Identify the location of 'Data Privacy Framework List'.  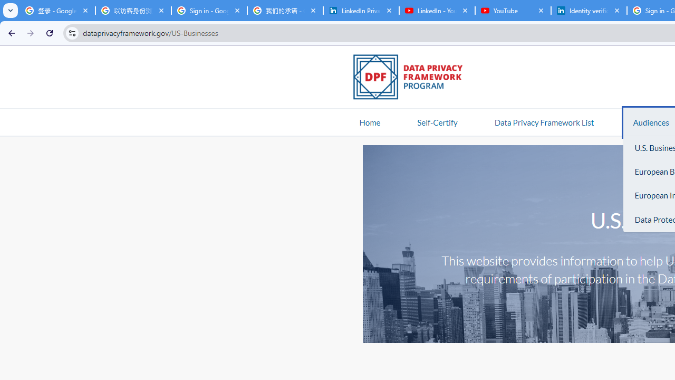
(544, 121).